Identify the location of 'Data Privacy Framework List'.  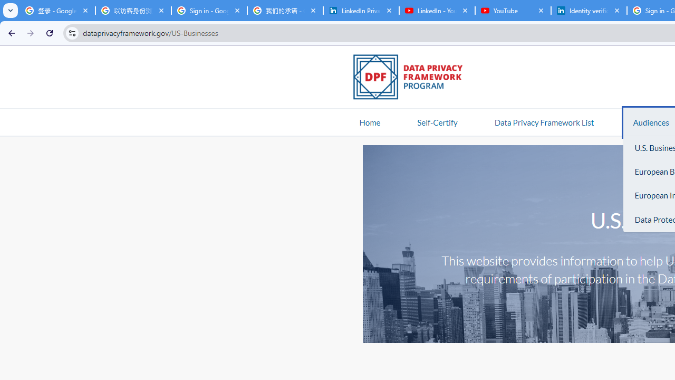
(544, 121).